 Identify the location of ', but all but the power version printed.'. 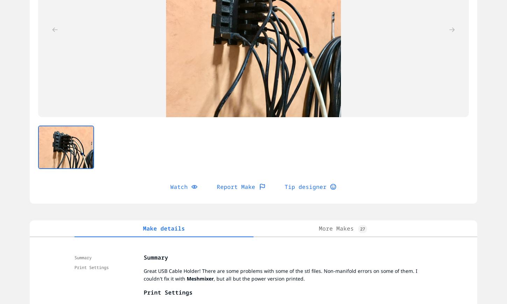
(259, 278).